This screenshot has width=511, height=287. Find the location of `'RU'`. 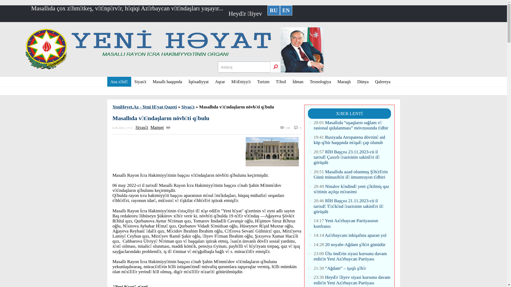

'RU' is located at coordinates (267, 10).